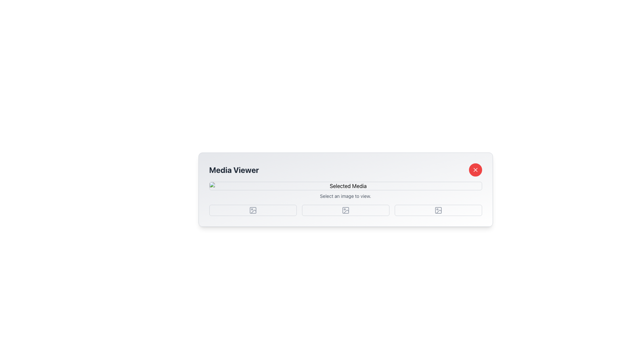 The image size is (631, 355). Describe the element at coordinates (345, 196) in the screenshot. I see `informational text located near the center of the interface, under the 'Selected Media' placeholder image` at that location.